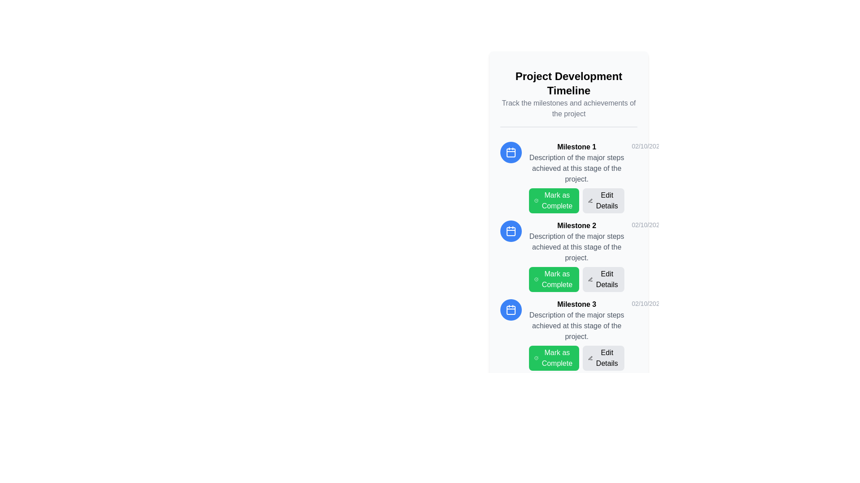 Image resolution: width=860 pixels, height=483 pixels. Describe the element at coordinates (576, 169) in the screenshot. I see `the text block reading 'Description of the major steps achieved at this stage of the project.' which is located below the 'Milestone 1' title` at that location.